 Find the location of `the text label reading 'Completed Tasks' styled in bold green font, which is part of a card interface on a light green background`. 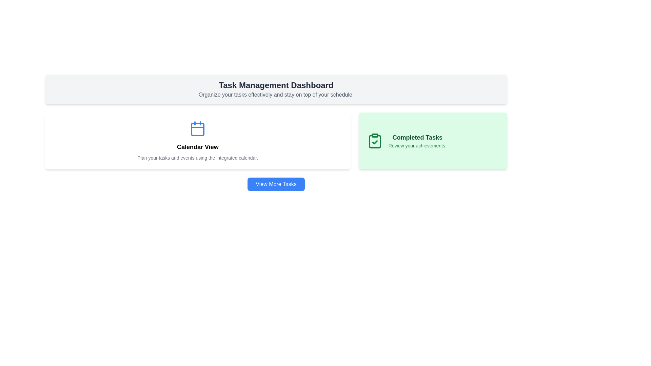

the text label reading 'Completed Tasks' styled in bold green font, which is part of a card interface on a light green background is located at coordinates (417, 137).